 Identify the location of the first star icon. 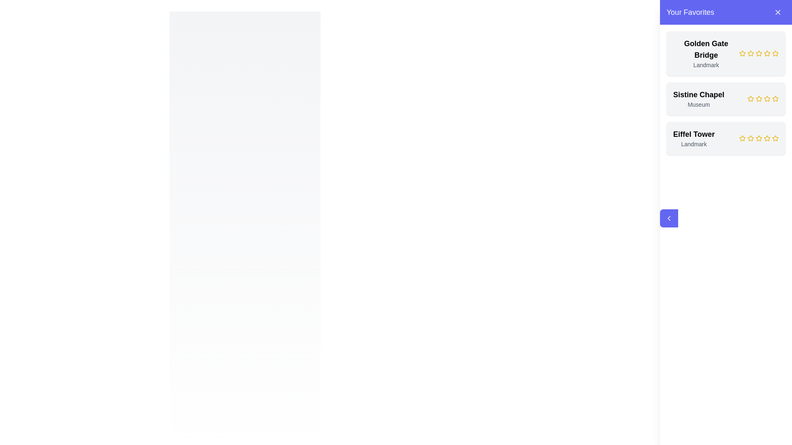
(742, 138).